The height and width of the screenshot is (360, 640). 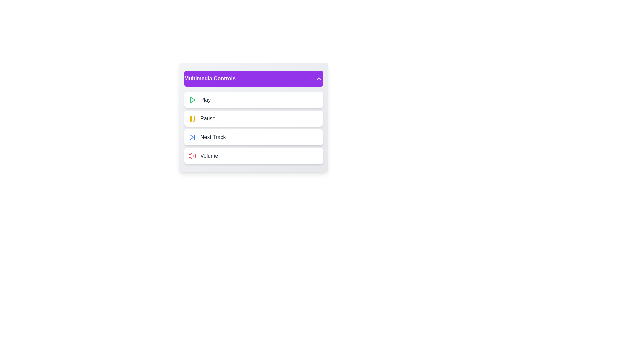 What do you see at coordinates (253, 100) in the screenshot?
I see `the 'Play' button in the Multimedia Controls` at bounding box center [253, 100].